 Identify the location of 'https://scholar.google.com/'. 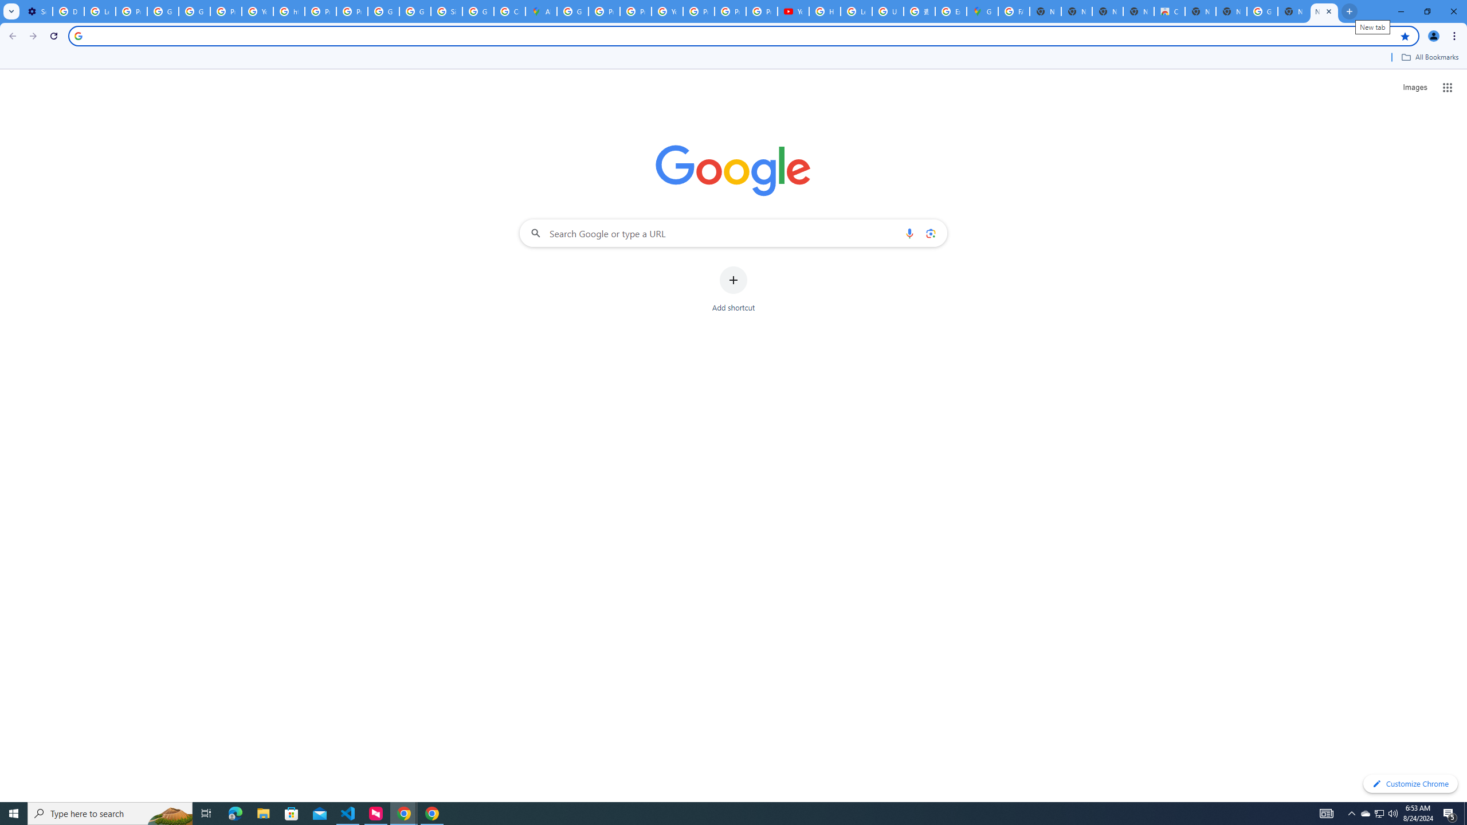
(289, 11).